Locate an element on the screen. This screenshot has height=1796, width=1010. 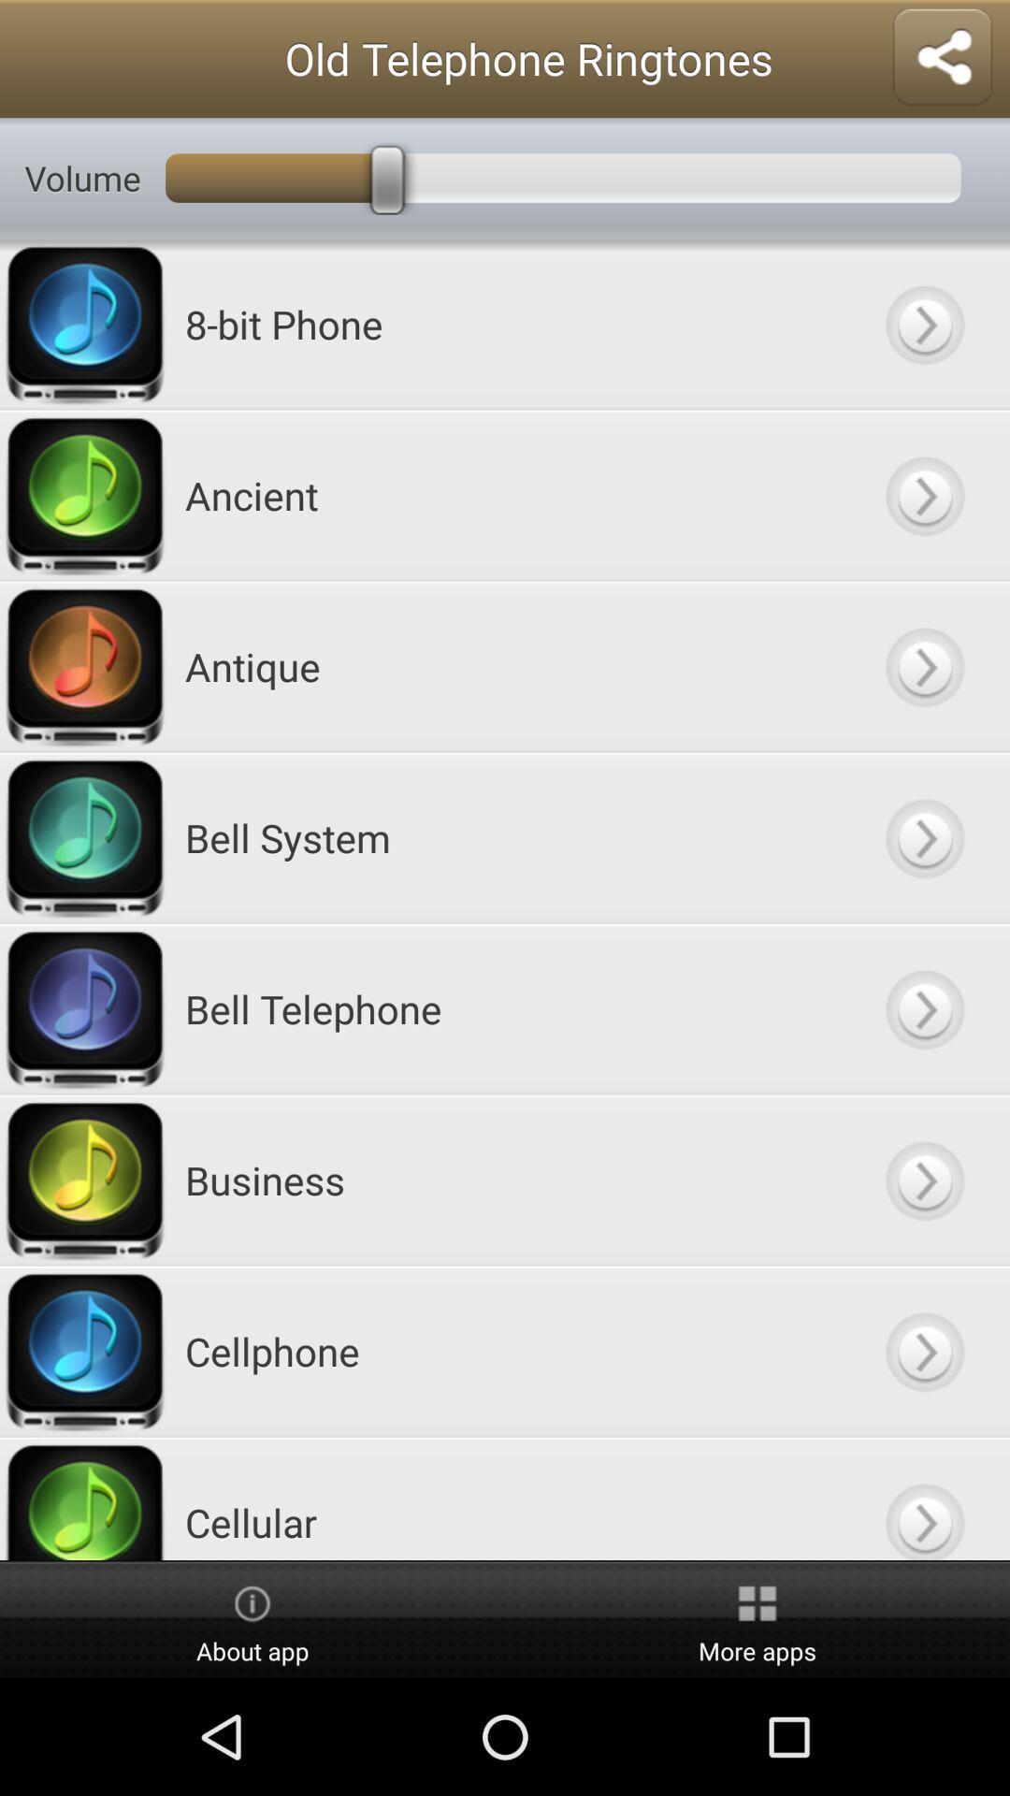
open the selected ringtone page is located at coordinates (923, 1351).